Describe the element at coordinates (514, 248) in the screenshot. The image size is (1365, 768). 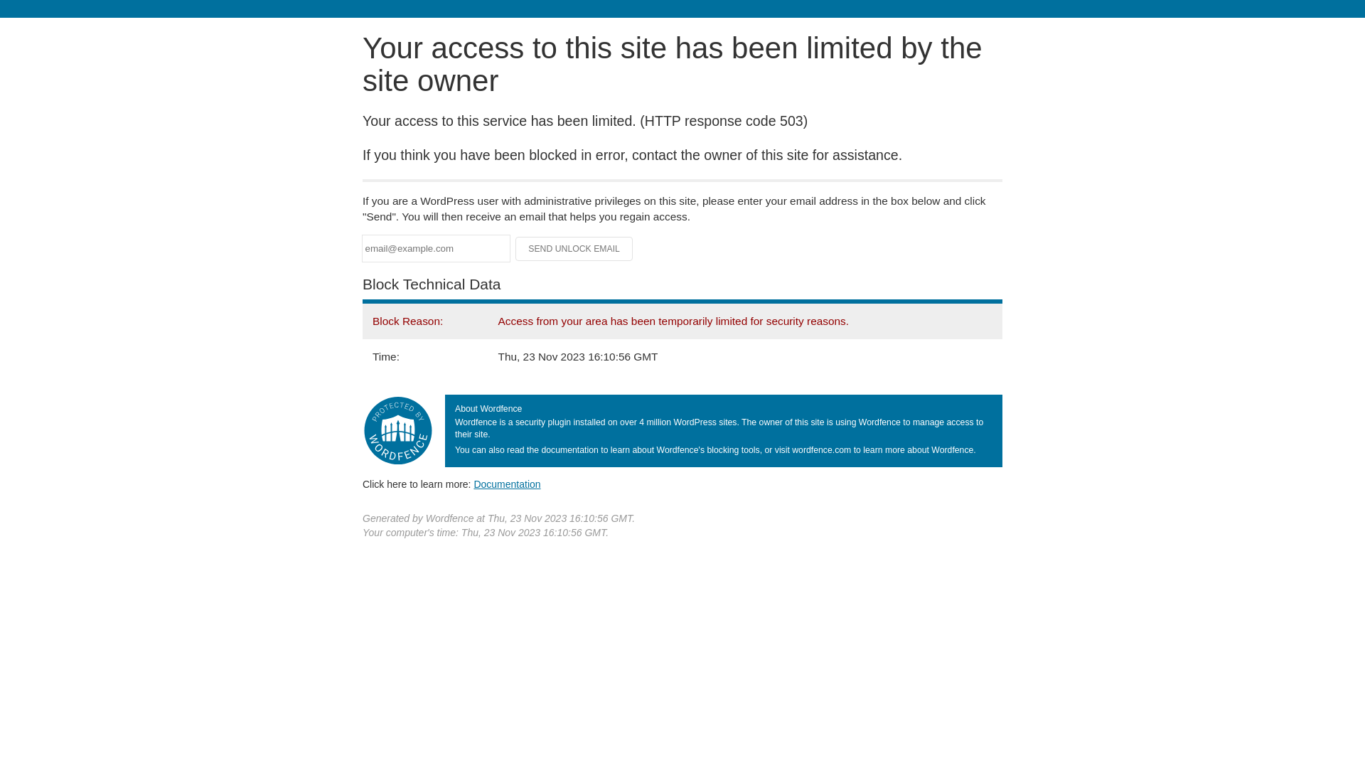
I see `'Send Unlock Email'` at that location.